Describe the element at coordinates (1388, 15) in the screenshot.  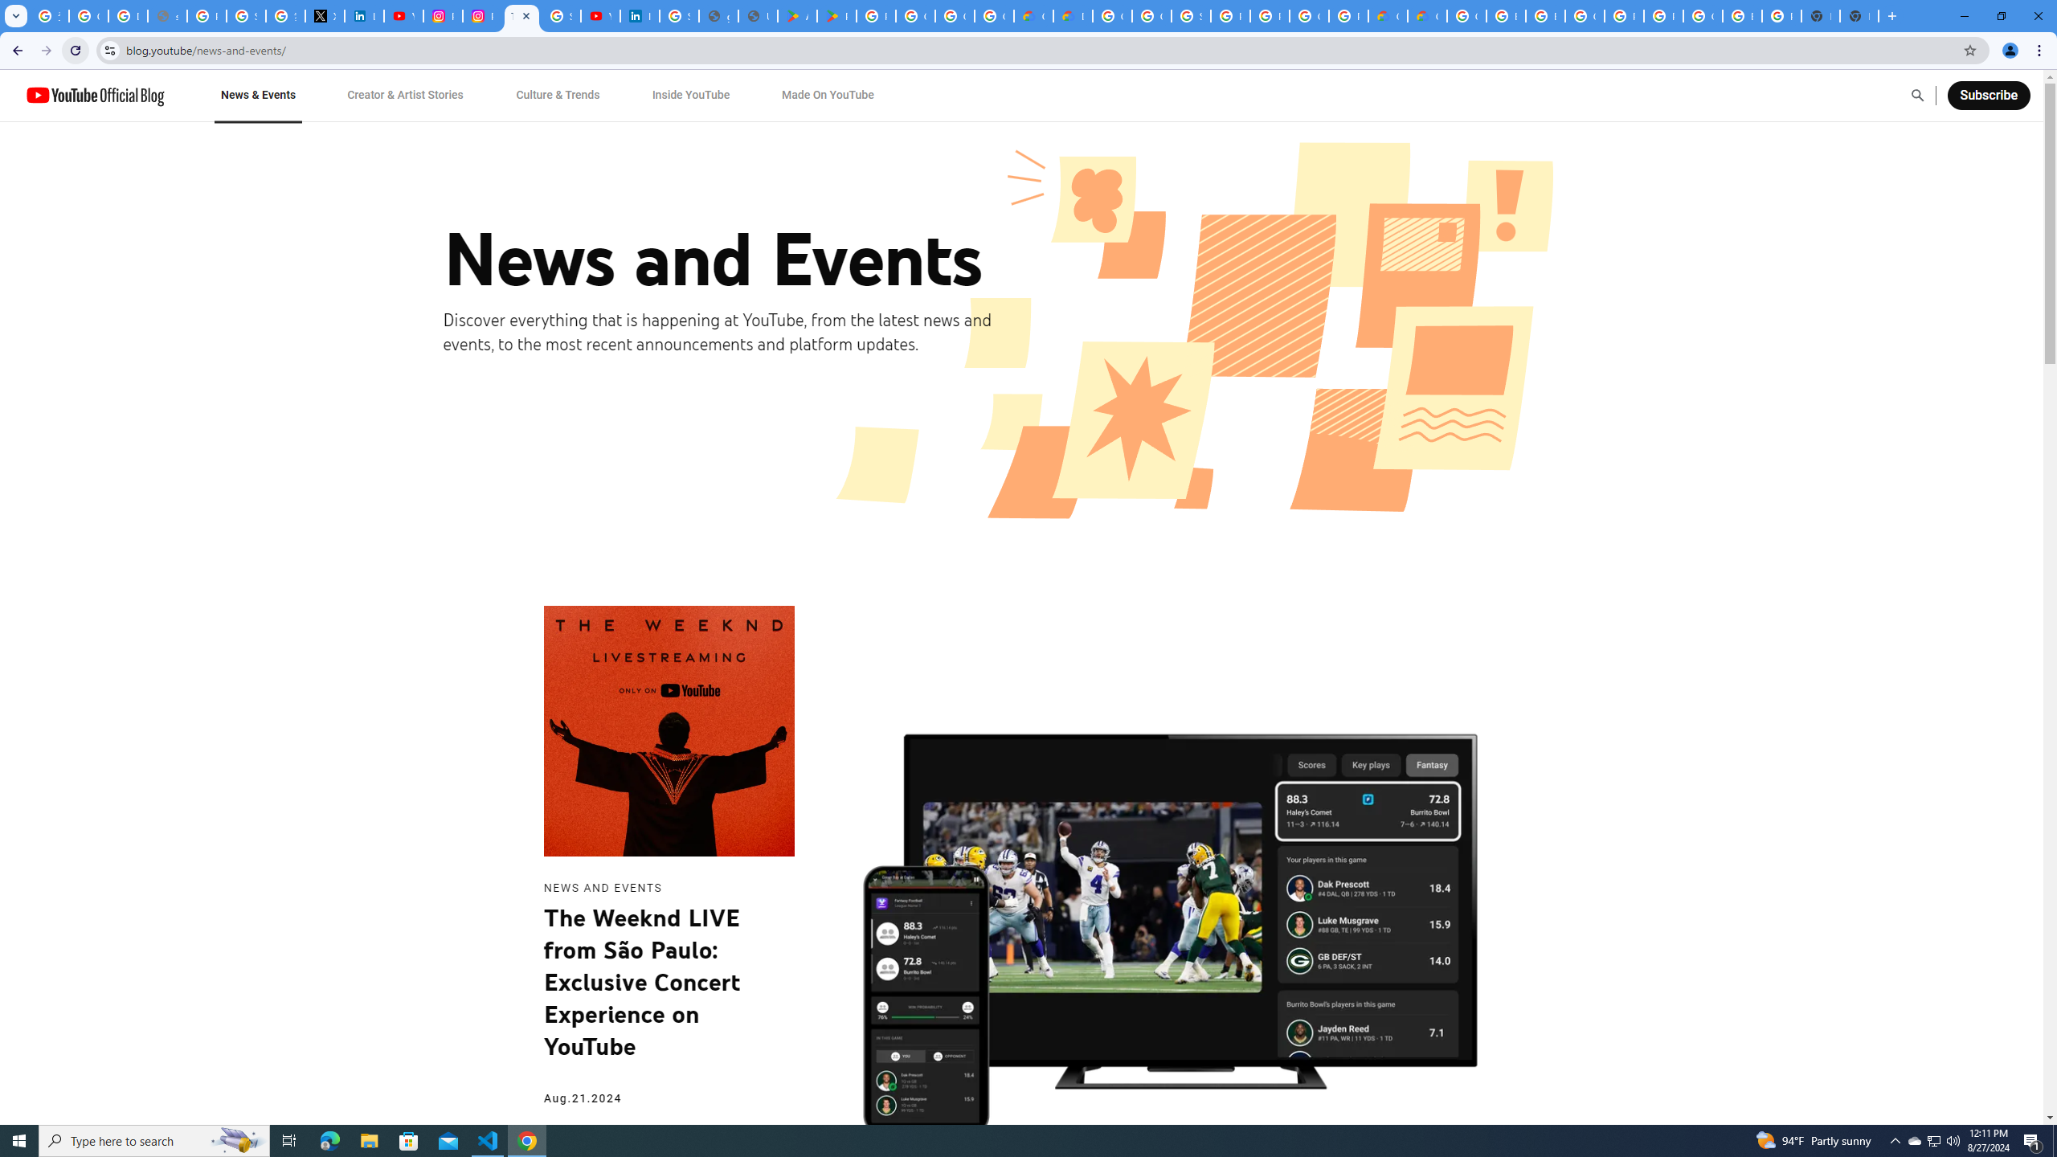
I see `'Customer Care | Google Cloud'` at that location.